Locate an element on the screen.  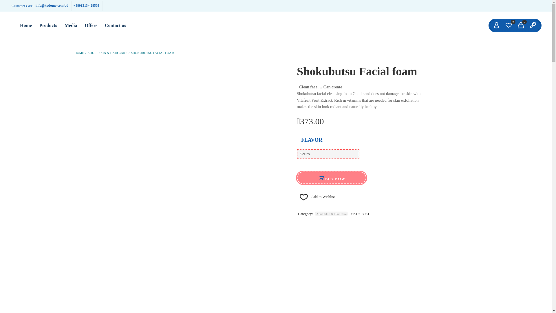
'Register' is located at coordinates (237, 164).